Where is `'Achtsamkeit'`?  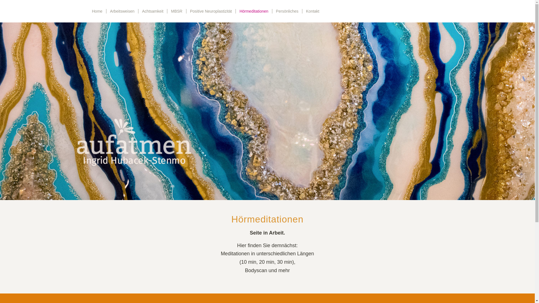
'Achtsamkeit' is located at coordinates (152, 11).